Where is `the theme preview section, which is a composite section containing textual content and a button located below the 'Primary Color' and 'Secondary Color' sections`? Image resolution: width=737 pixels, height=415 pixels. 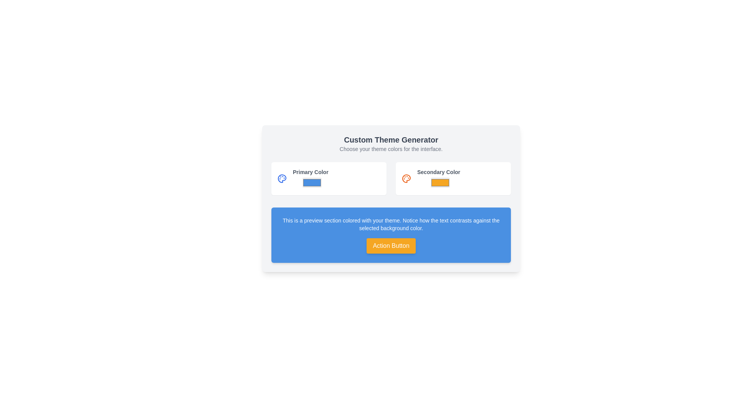 the theme preview section, which is a composite section containing textual content and a button located below the 'Primary Color' and 'Secondary Color' sections is located at coordinates (391, 235).